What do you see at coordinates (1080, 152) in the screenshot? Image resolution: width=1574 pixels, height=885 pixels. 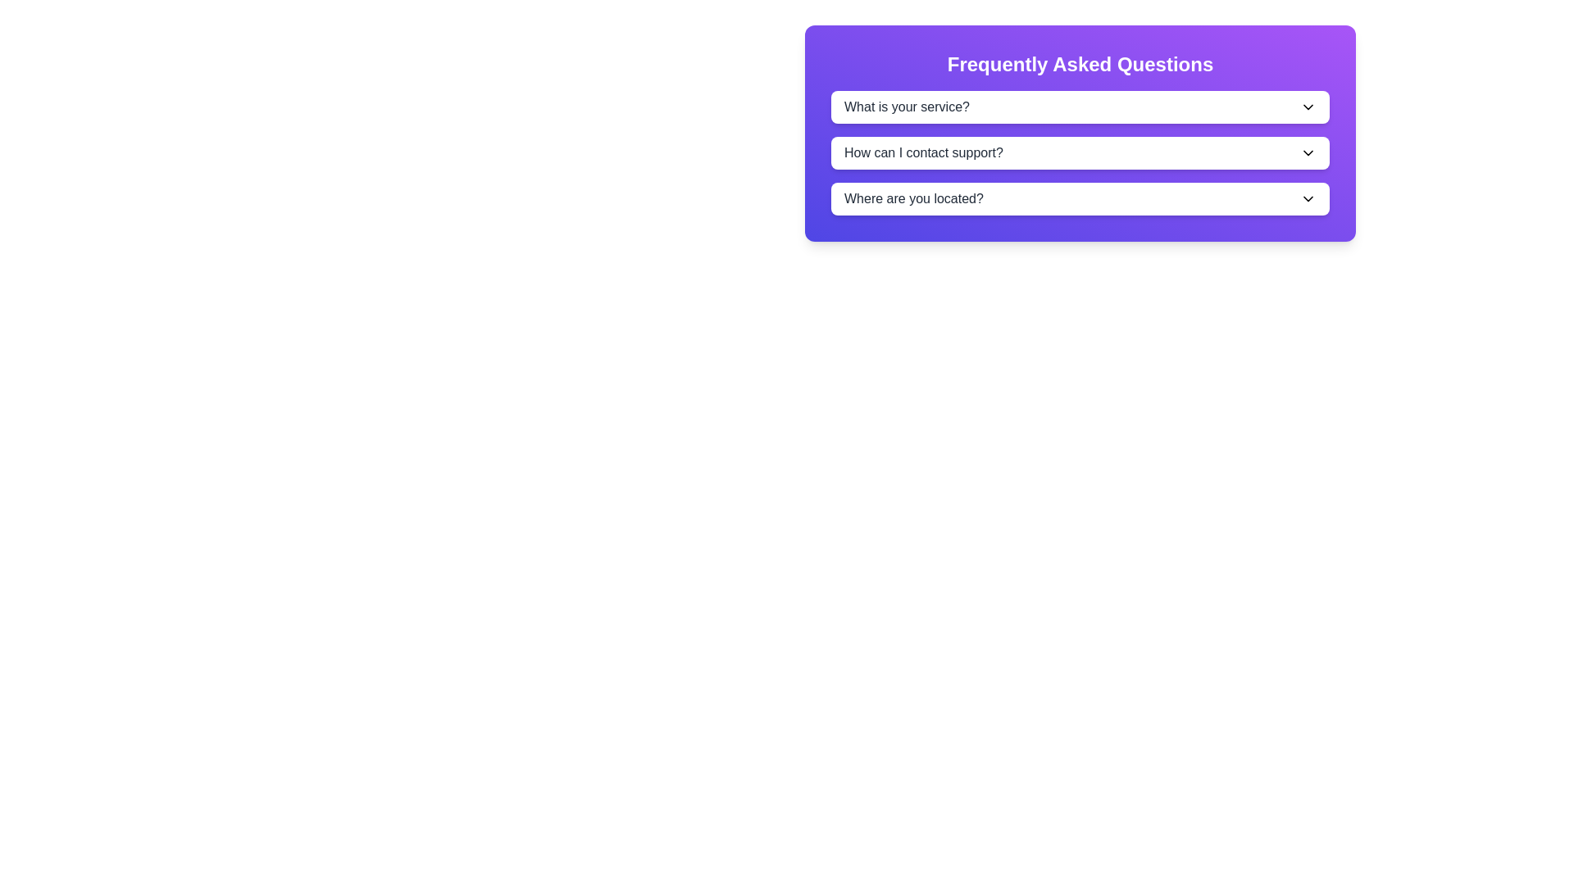 I see `the expandable list item labeled 'How can I contact support?' to activate it` at bounding box center [1080, 152].